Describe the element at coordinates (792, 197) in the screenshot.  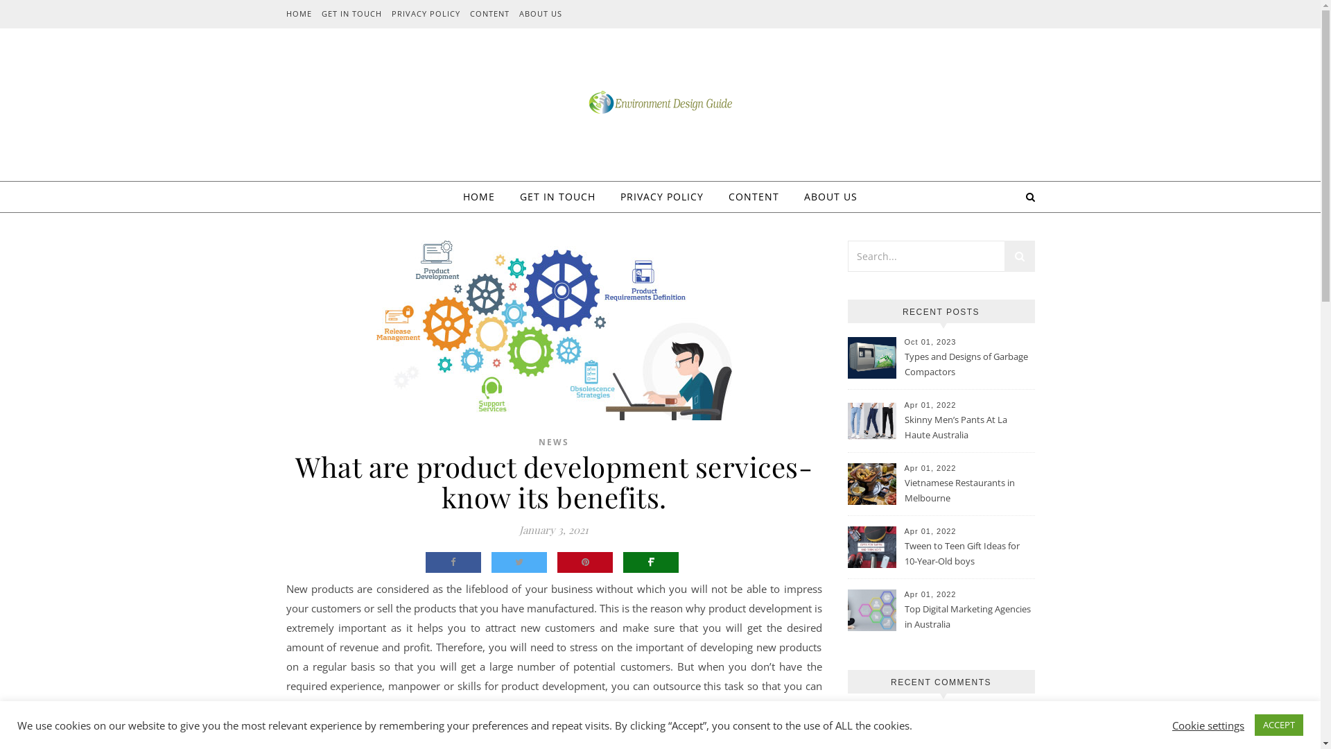
I see `'ABOUT US'` at that location.